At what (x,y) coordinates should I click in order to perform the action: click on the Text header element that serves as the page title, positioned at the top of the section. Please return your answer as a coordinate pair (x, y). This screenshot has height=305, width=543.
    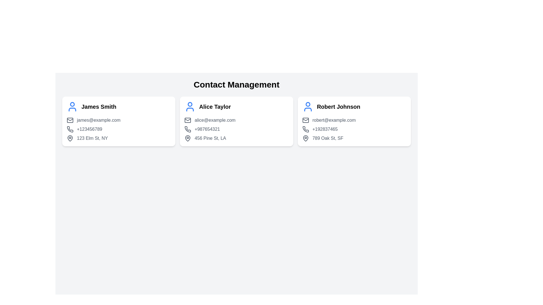
    Looking at the image, I should click on (236, 85).